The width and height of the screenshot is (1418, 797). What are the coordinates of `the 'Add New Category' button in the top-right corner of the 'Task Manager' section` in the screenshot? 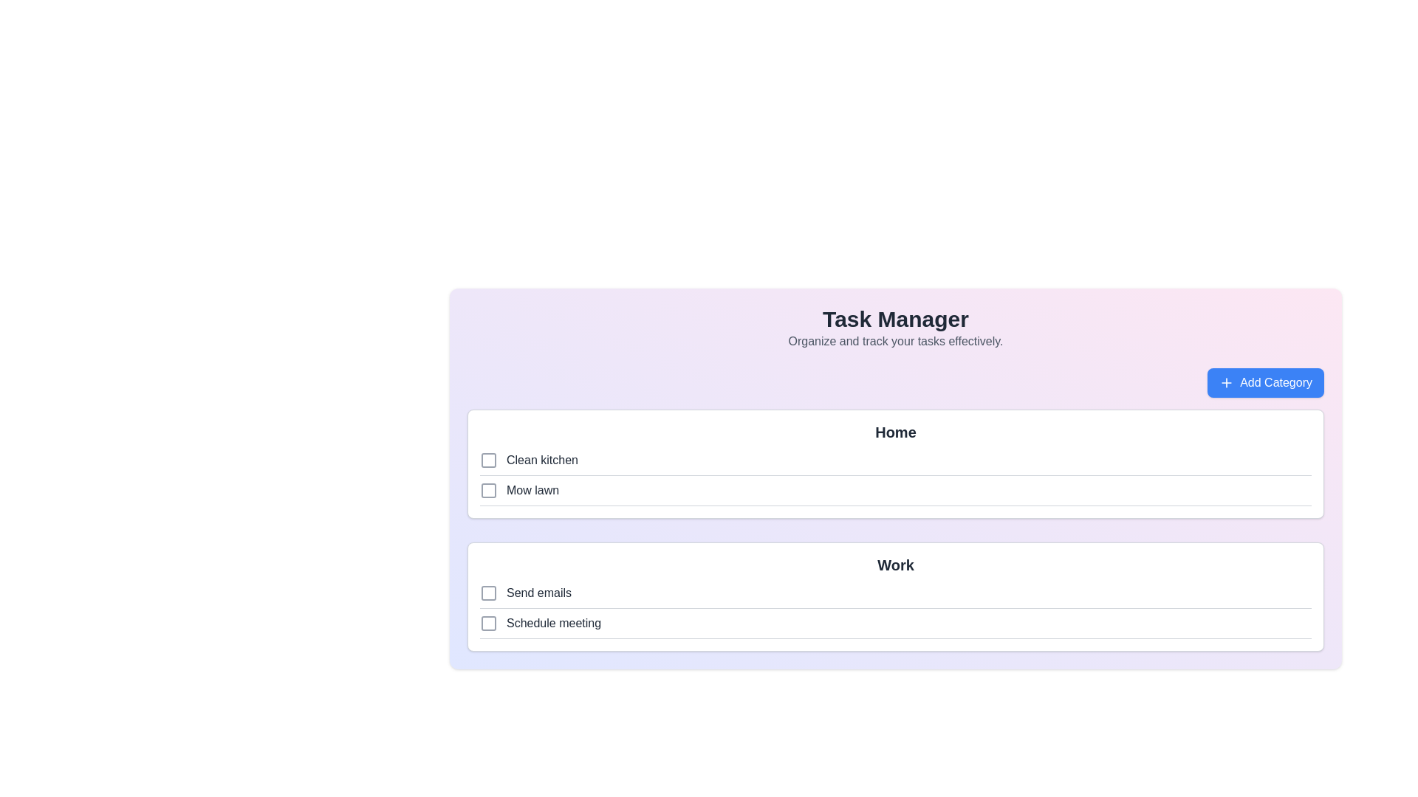 It's located at (1264, 382).